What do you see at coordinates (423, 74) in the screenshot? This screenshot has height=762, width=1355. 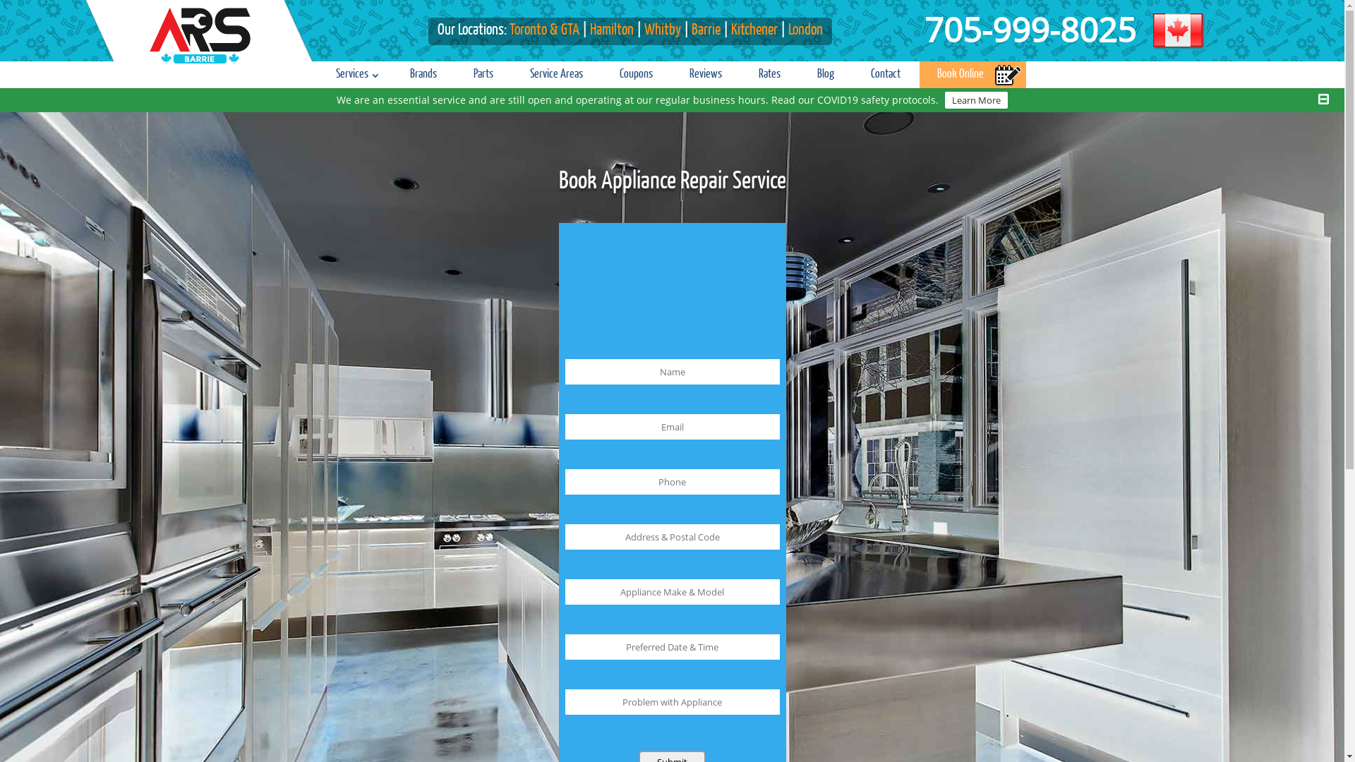 I see `'Brands'` at bounding box center [423, 74].